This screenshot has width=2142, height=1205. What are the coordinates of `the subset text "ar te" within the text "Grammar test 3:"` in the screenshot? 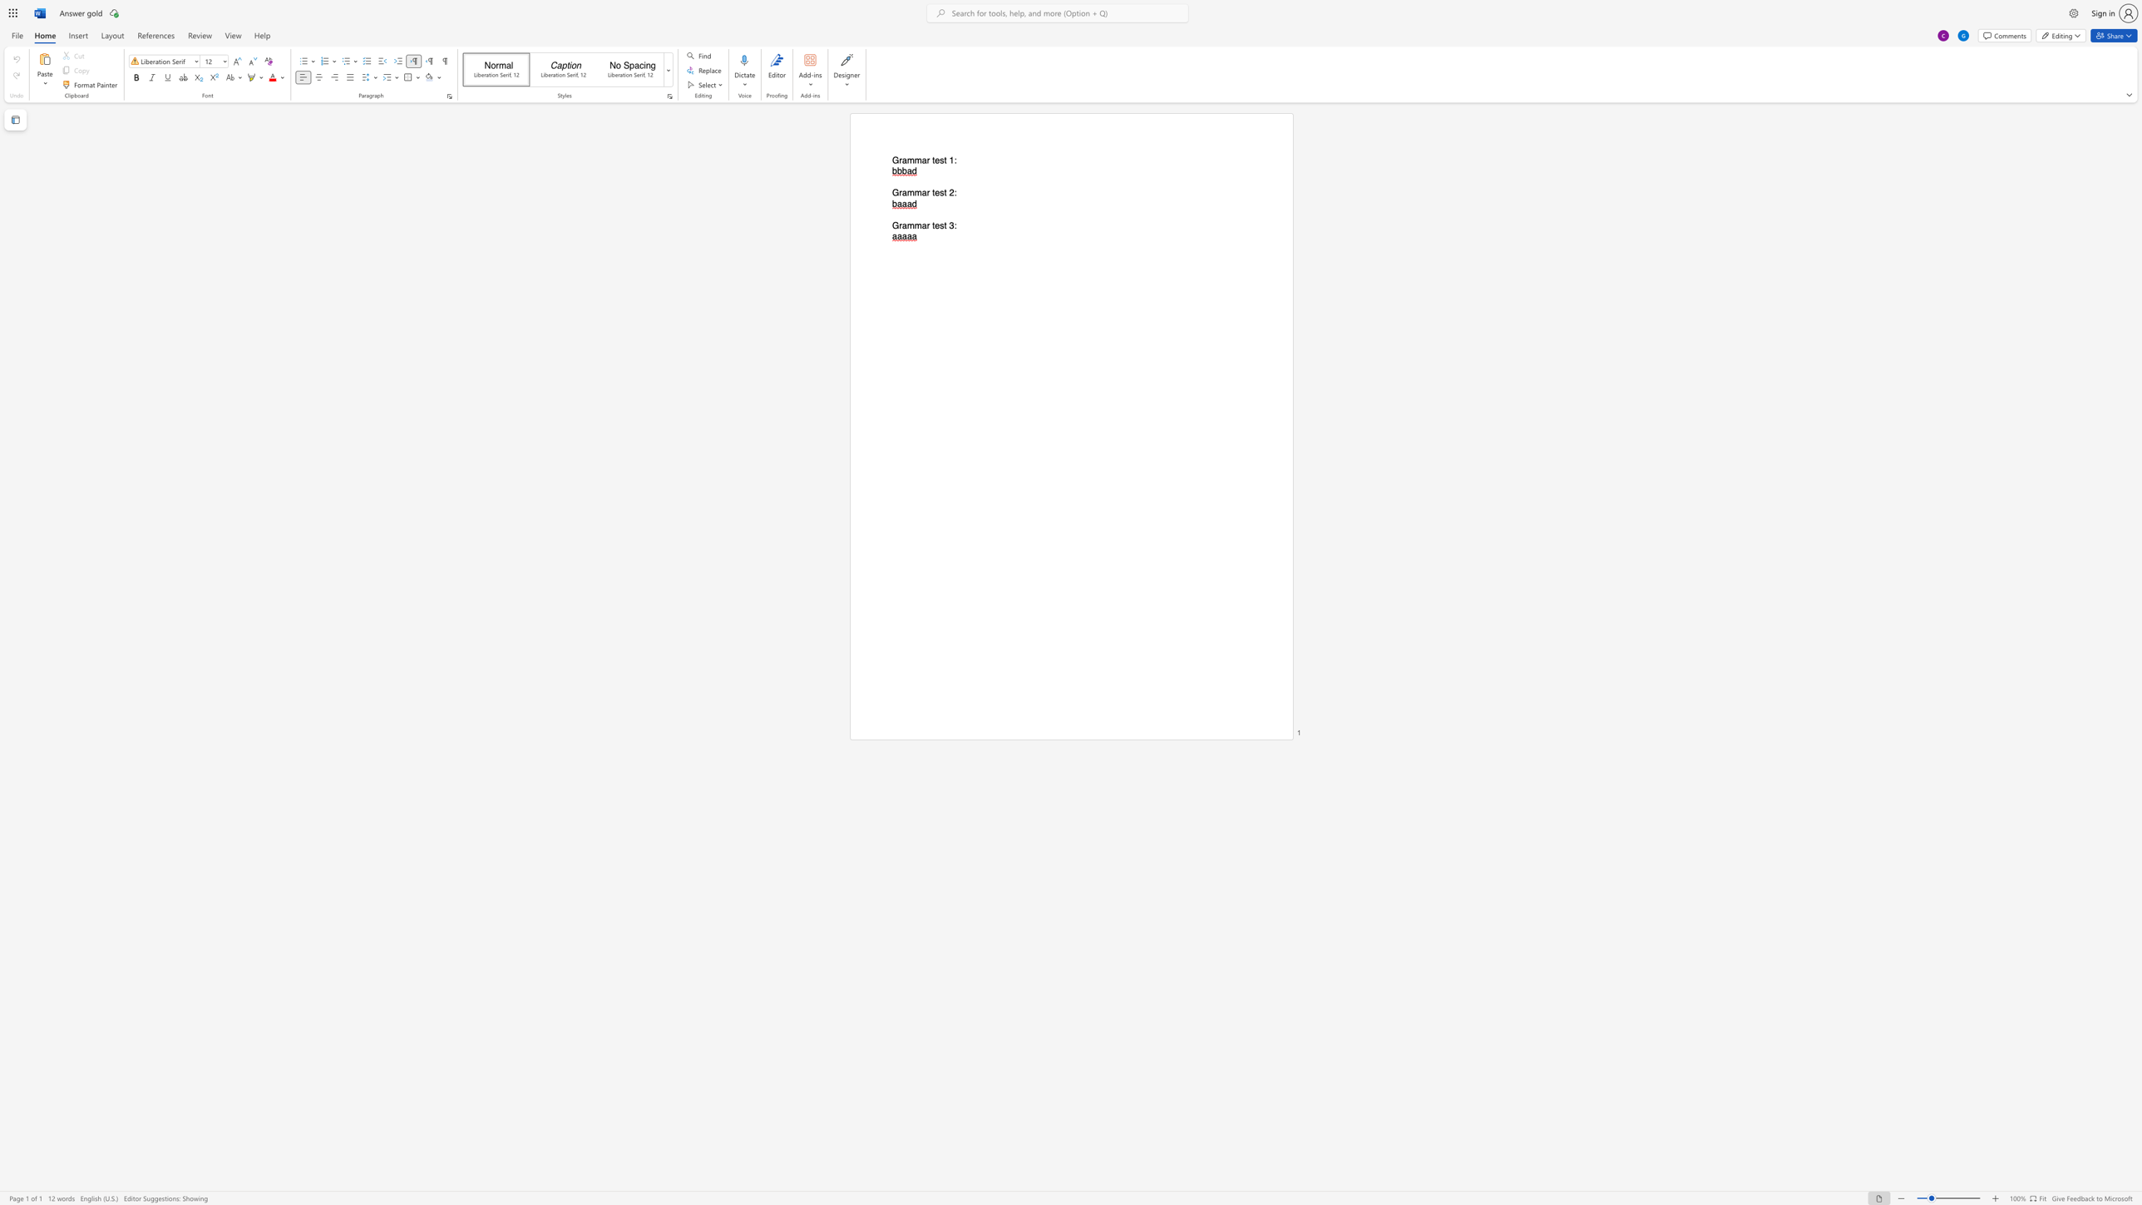 It's located at (921, 225).